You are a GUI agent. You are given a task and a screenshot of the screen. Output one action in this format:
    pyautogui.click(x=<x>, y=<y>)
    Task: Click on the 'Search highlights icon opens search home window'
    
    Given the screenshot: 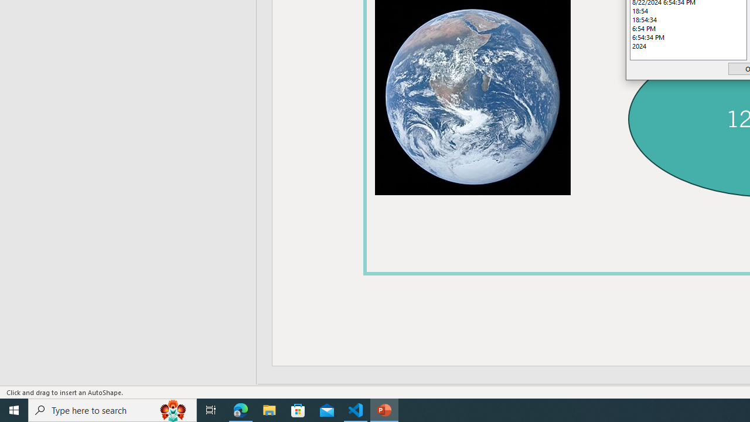 What is the action you would take?
    pyautogui.click(x=172, y=409)
    